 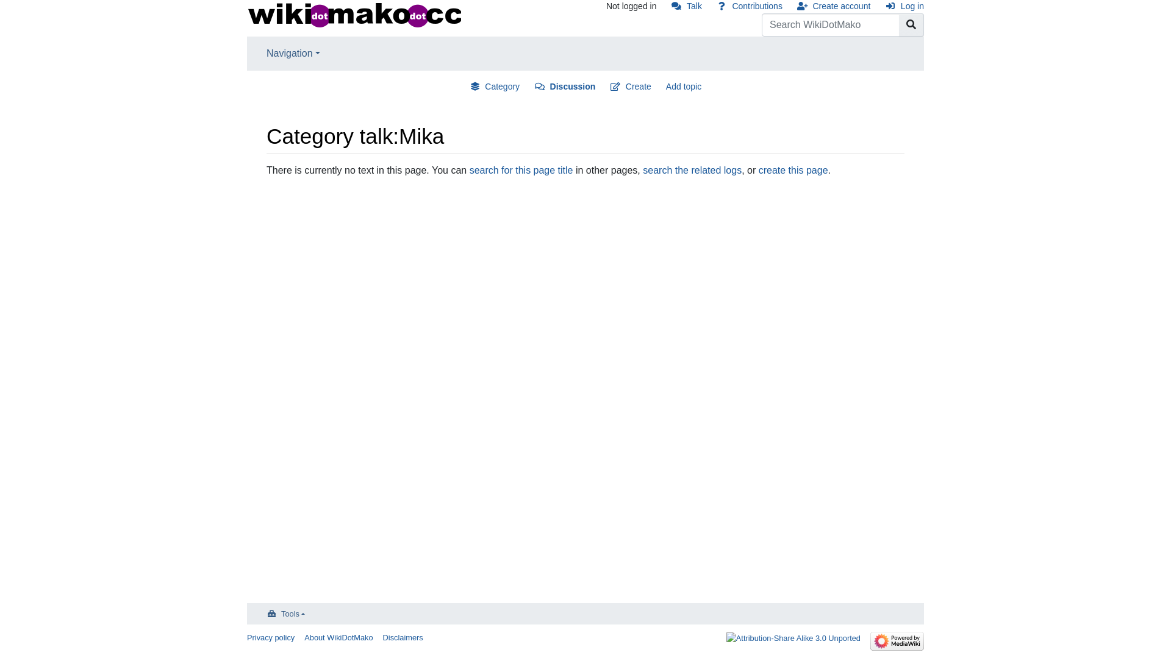 What do you see at coordinates (293, 53) in the screenshot?
I see `'Navigation'` at bounding box center [293, 53].